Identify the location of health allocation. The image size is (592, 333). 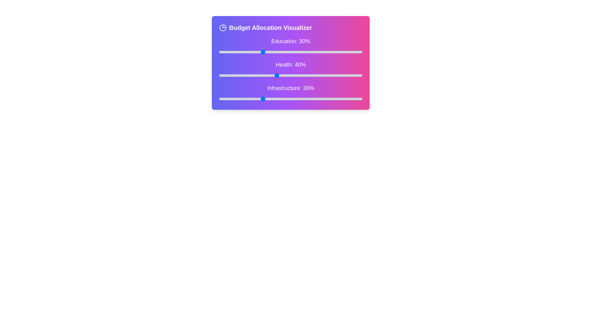
(338, 75).